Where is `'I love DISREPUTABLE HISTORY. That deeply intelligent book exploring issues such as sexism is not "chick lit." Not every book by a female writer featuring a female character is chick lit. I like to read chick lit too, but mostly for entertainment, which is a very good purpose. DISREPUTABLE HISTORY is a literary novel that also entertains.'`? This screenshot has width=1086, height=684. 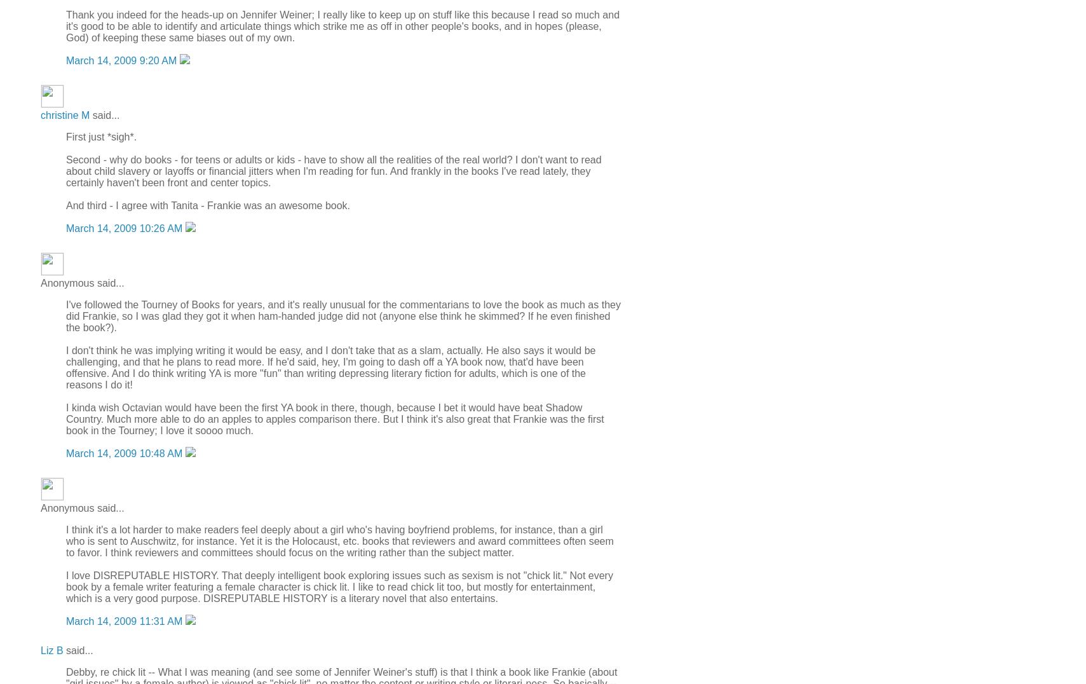
'I love DISREPUTABLE HISTORY. That deeply intelligent book exploring issues such as sexism is not "chick lit." Not every book by a female writer featuring a female character is chick lit. I like to read chick lit too, but mostly for entertainment, which is a very good purpose. DISREPUTABLE HISTORY is a literary novel that also entertains.' is located at coordinates (339, 586).